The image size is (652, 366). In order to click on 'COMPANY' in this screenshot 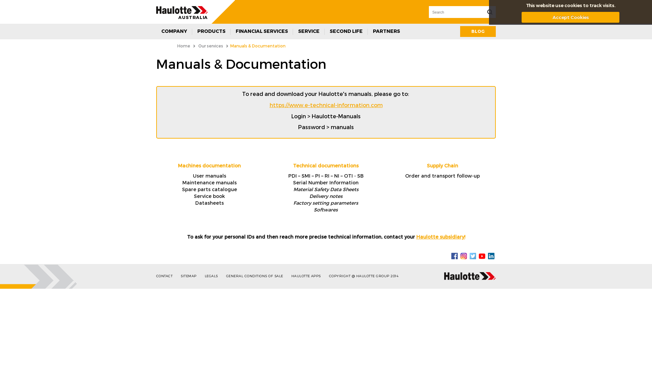, I will do `click(156, 31)`.